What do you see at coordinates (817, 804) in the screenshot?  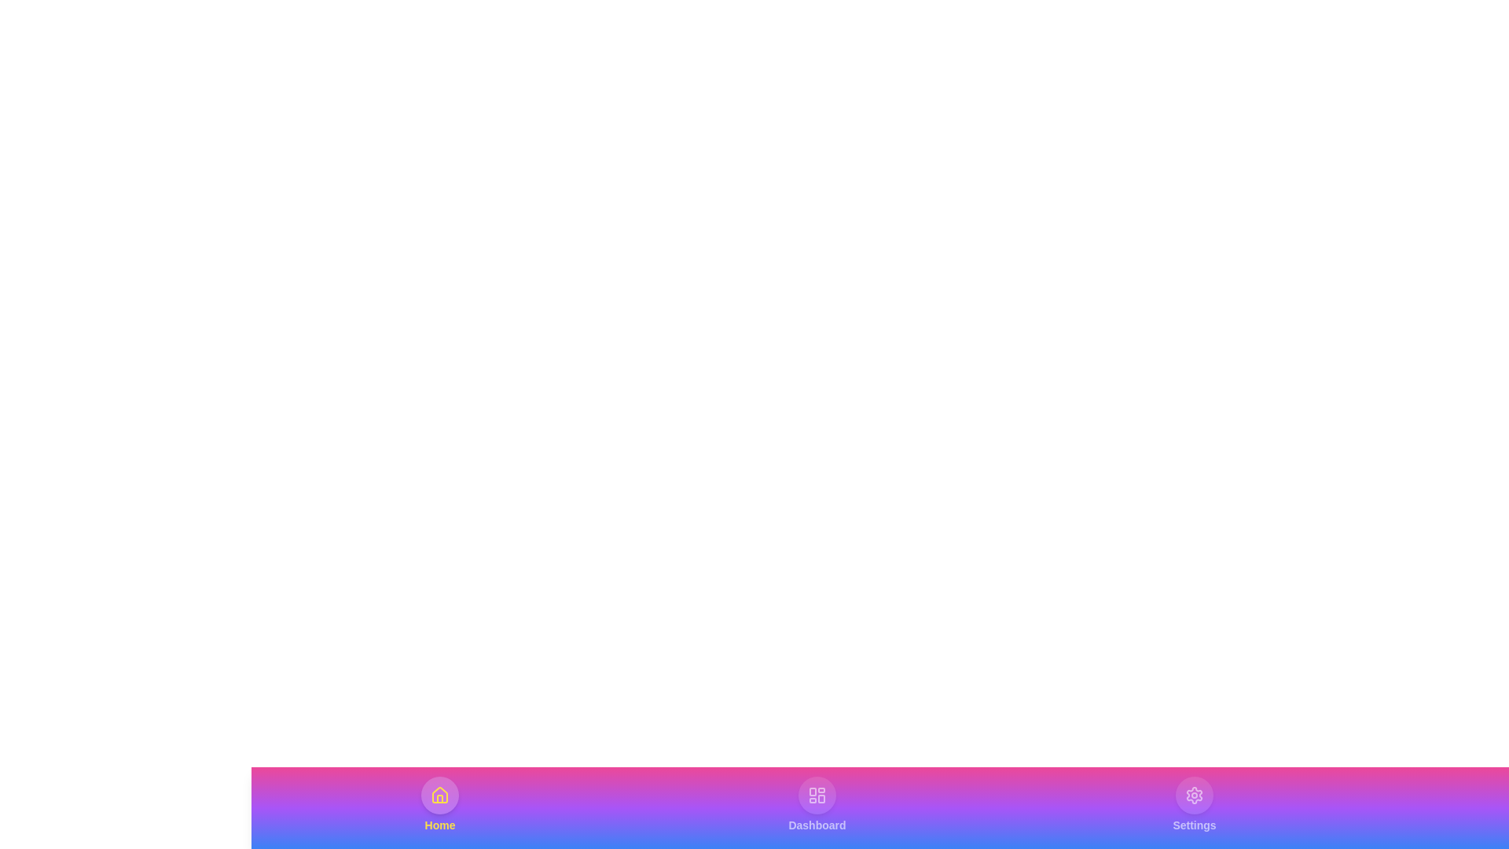 I see `the Dashboard tab to see its hover effect` at bounding box center [817, 804].